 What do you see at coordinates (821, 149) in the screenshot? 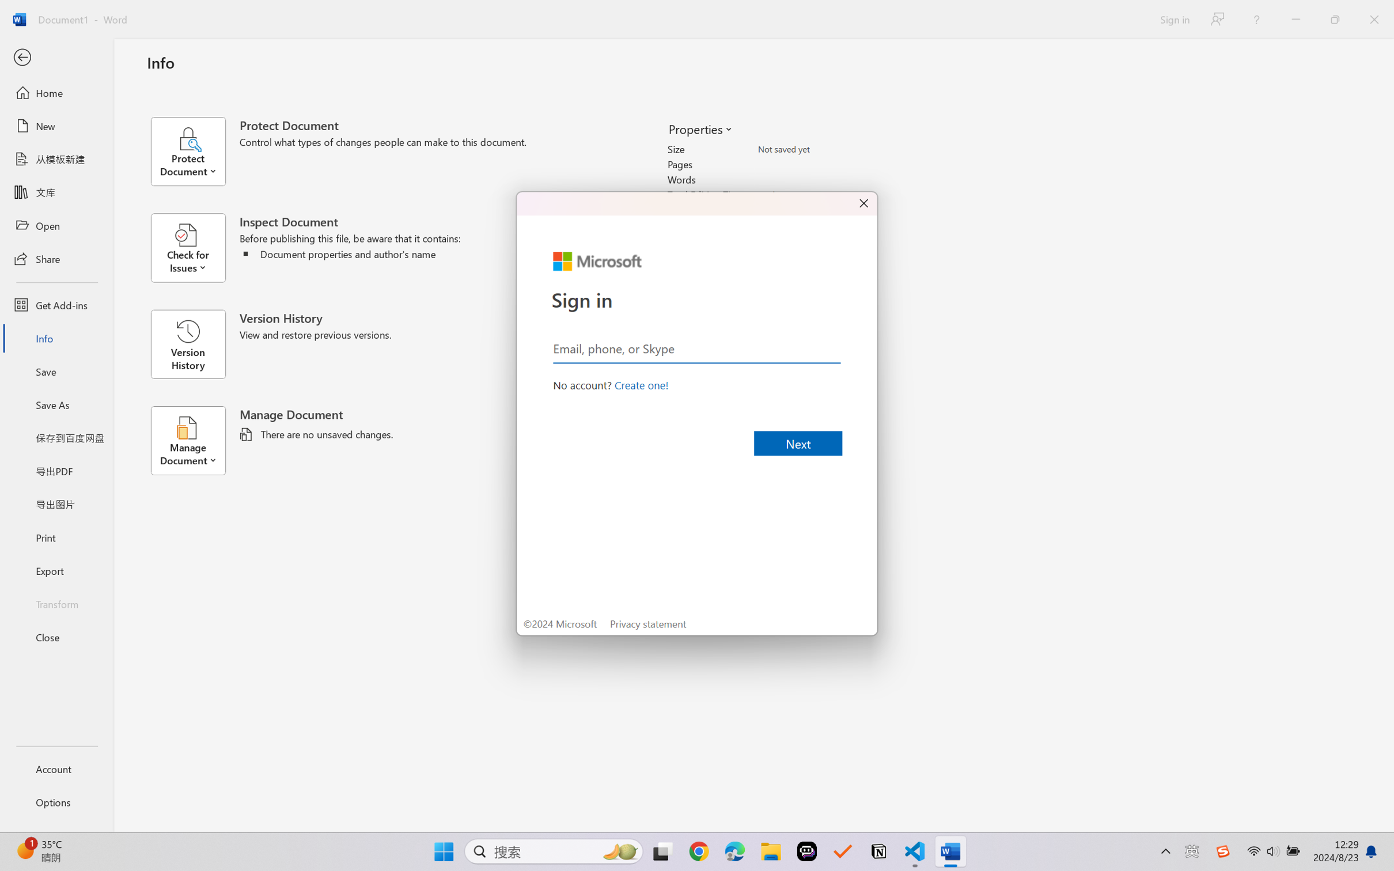
I see `'Size'` at bounding box center [821, 149].